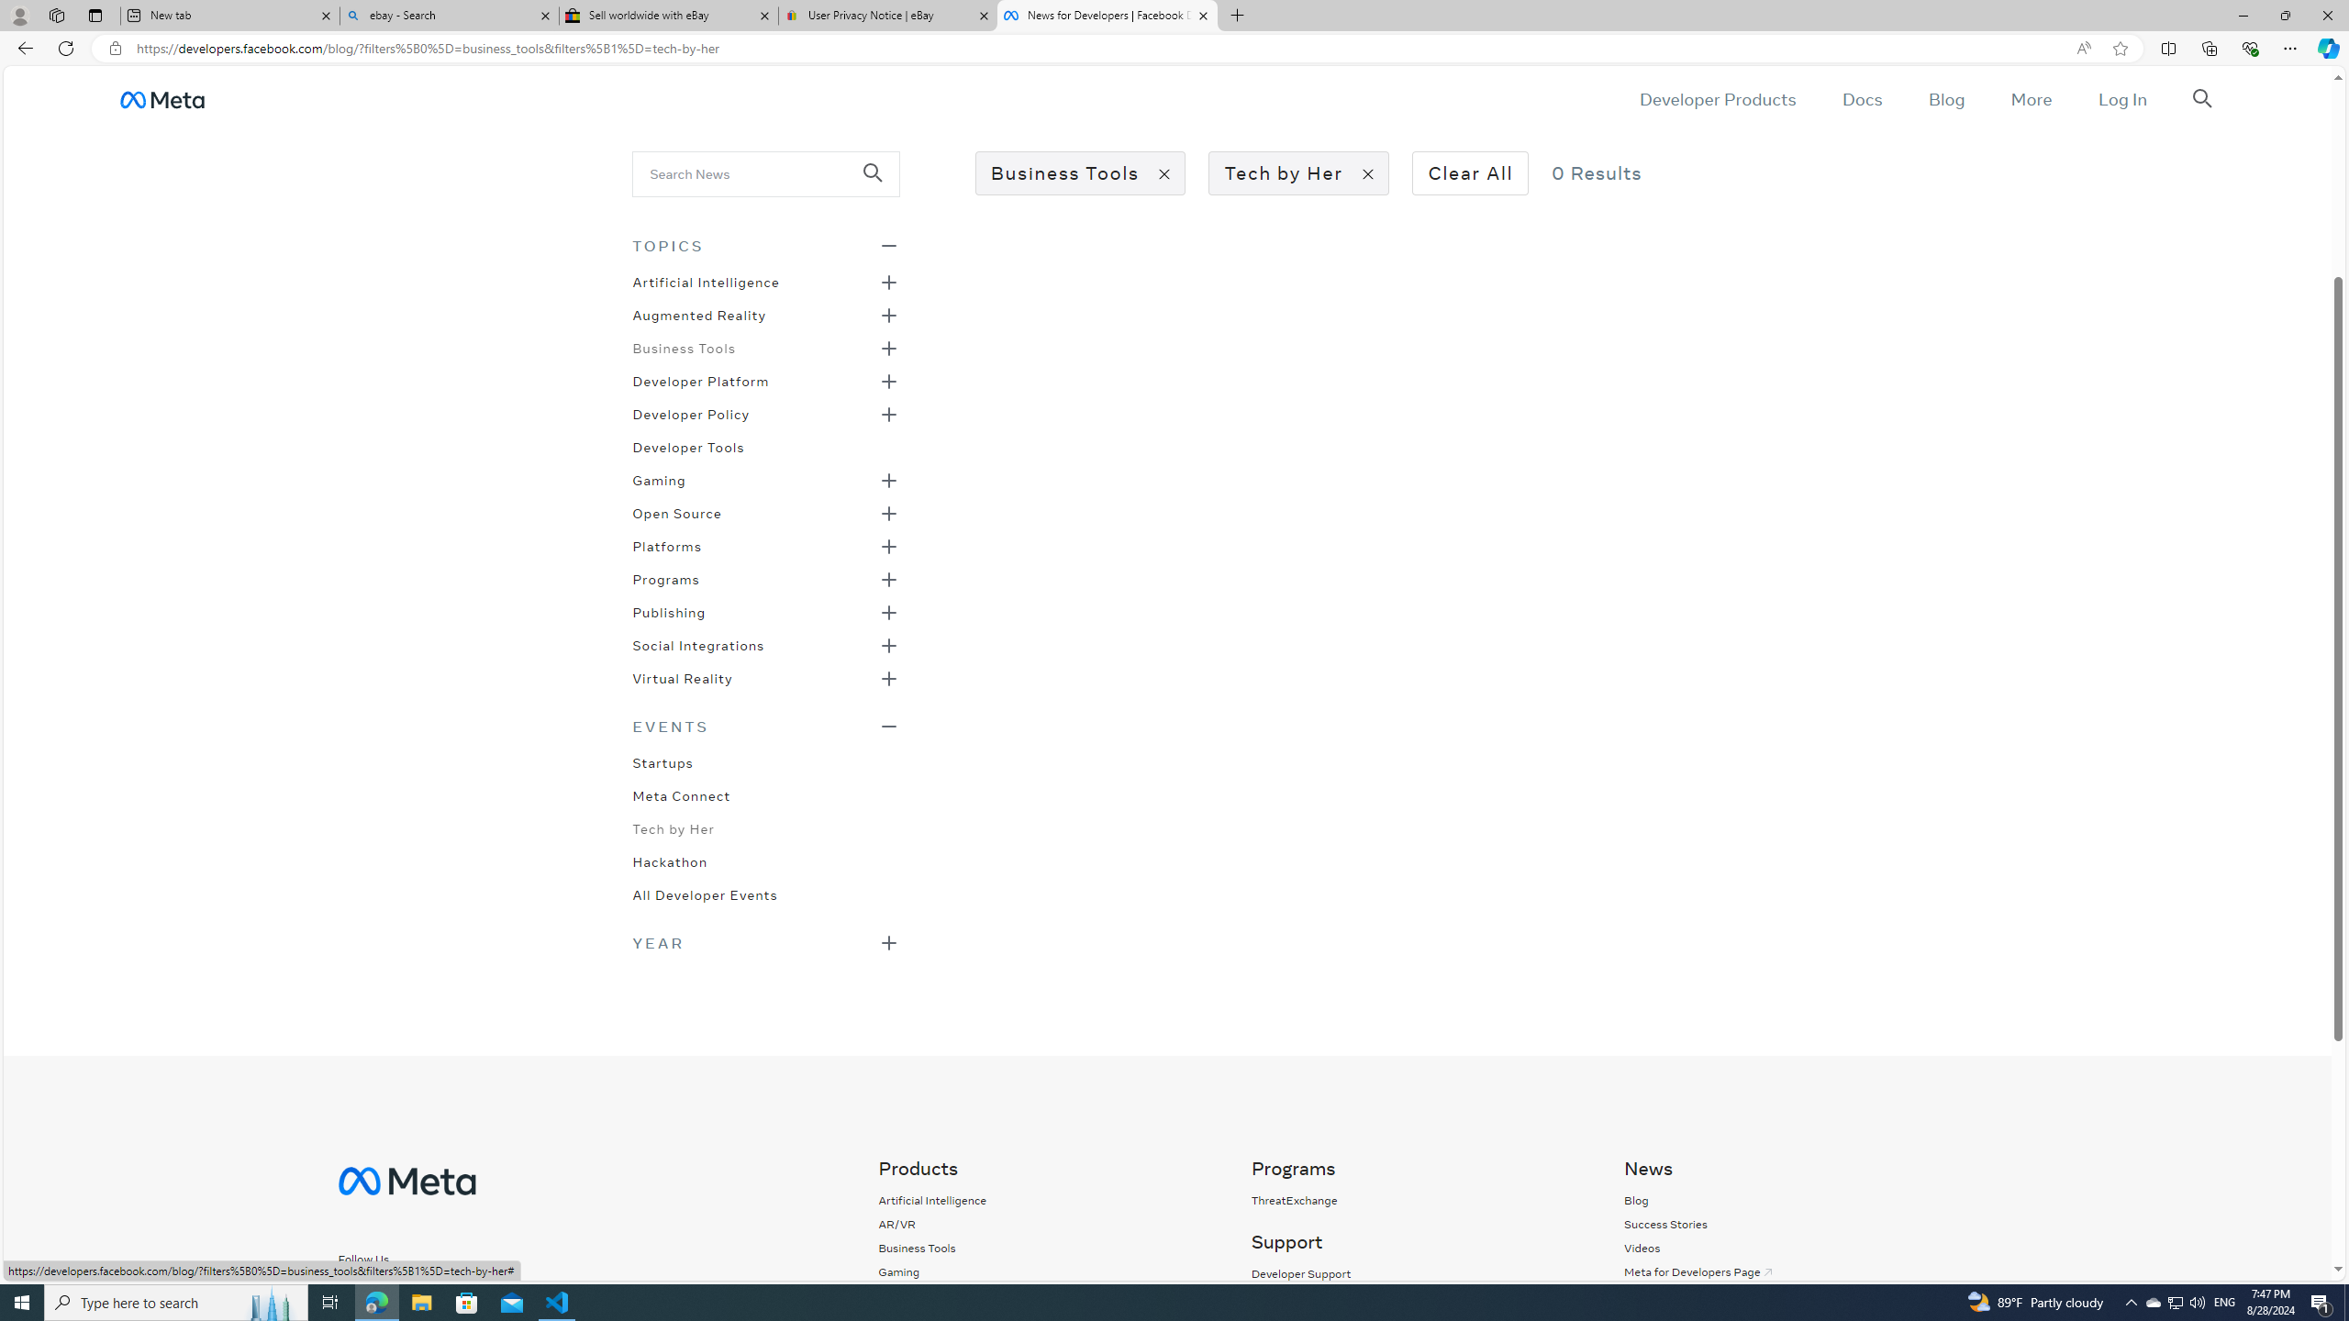 Image resolution: width=2349 pixels, height=1321 pixels. I want to click on 'Log In', so click(2121, 98).